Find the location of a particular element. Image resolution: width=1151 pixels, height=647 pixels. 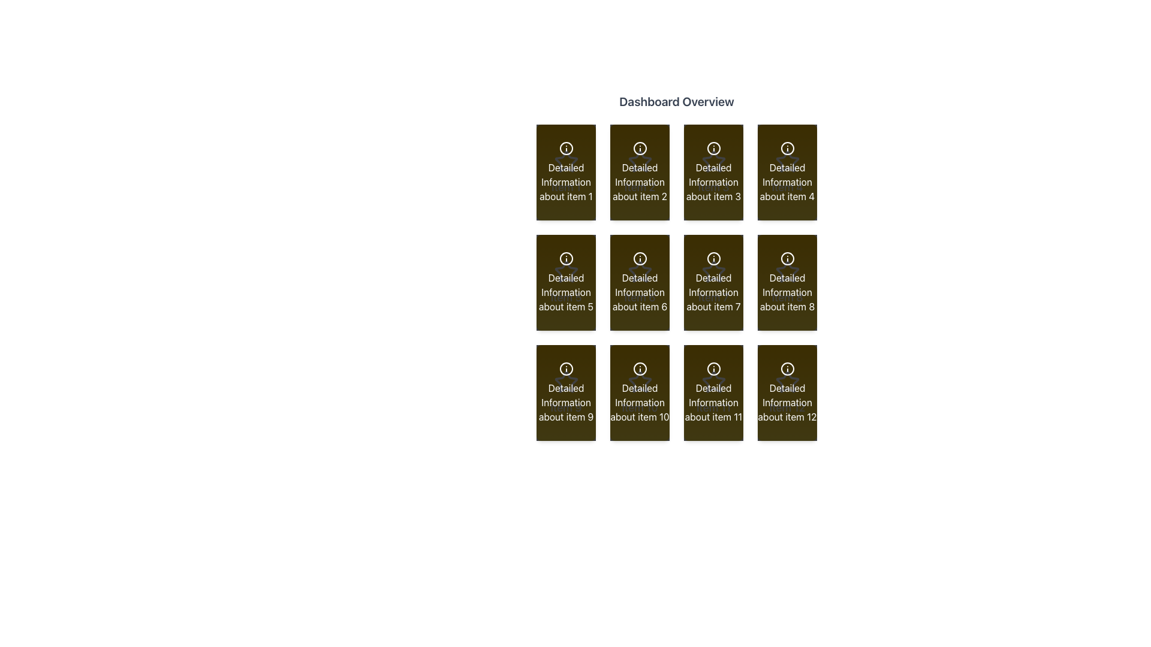

the circular icon with a visible border located in the third card of the top row titled 'Detailed Information about item 3' is located at coordinates (713, 147).